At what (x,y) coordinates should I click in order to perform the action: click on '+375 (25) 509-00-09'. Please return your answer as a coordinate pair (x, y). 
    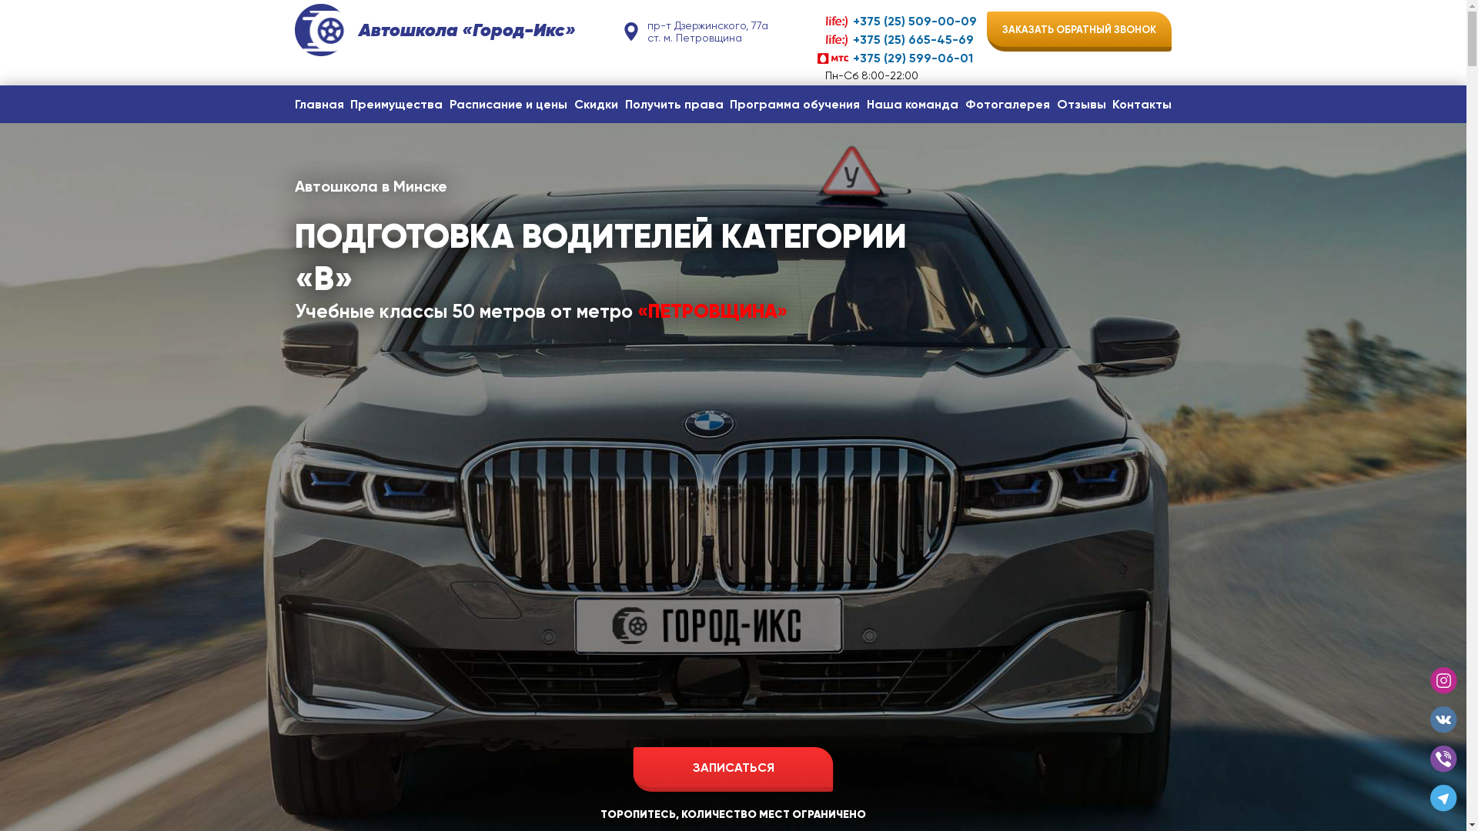
    Looking at the image, I should click on (897, 21).